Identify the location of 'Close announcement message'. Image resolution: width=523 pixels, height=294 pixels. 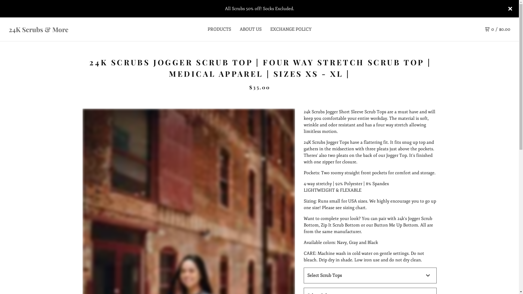
(510, 8).